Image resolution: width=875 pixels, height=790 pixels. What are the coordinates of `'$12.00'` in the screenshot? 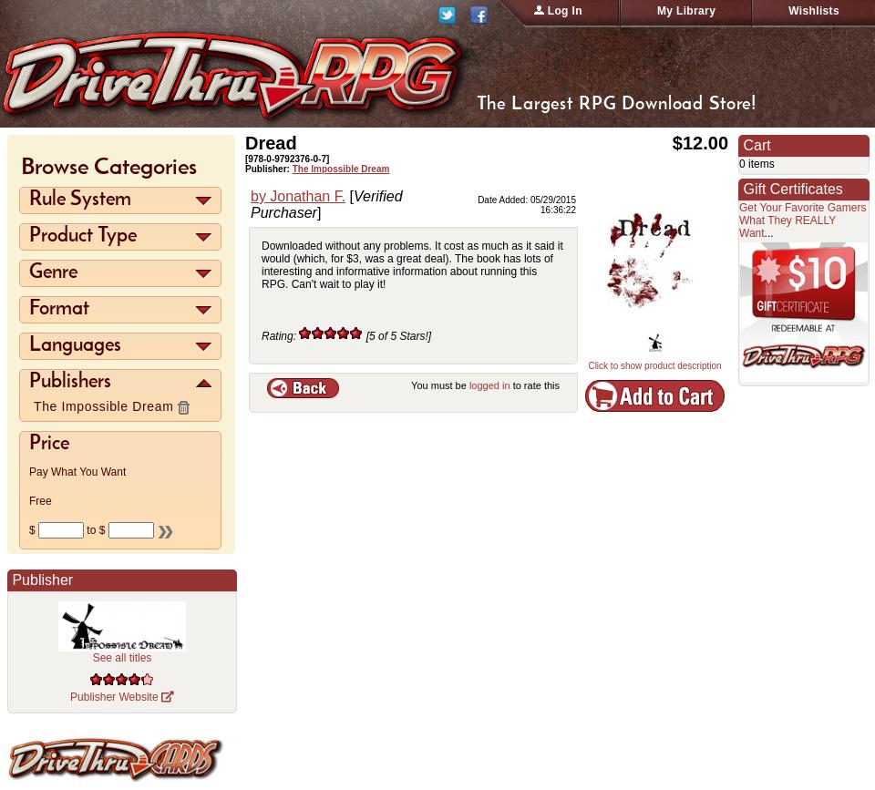 It's located at (699, 143).